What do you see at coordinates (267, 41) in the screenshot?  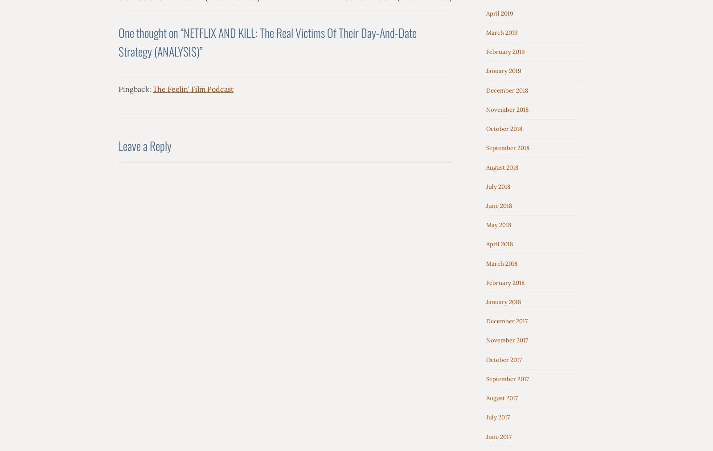 I see `'NETFLIX AND KILL: The Real Victims Of Their Day-And-Date Strategy (ANALYSIS)'` at bounding box center [267, 41].